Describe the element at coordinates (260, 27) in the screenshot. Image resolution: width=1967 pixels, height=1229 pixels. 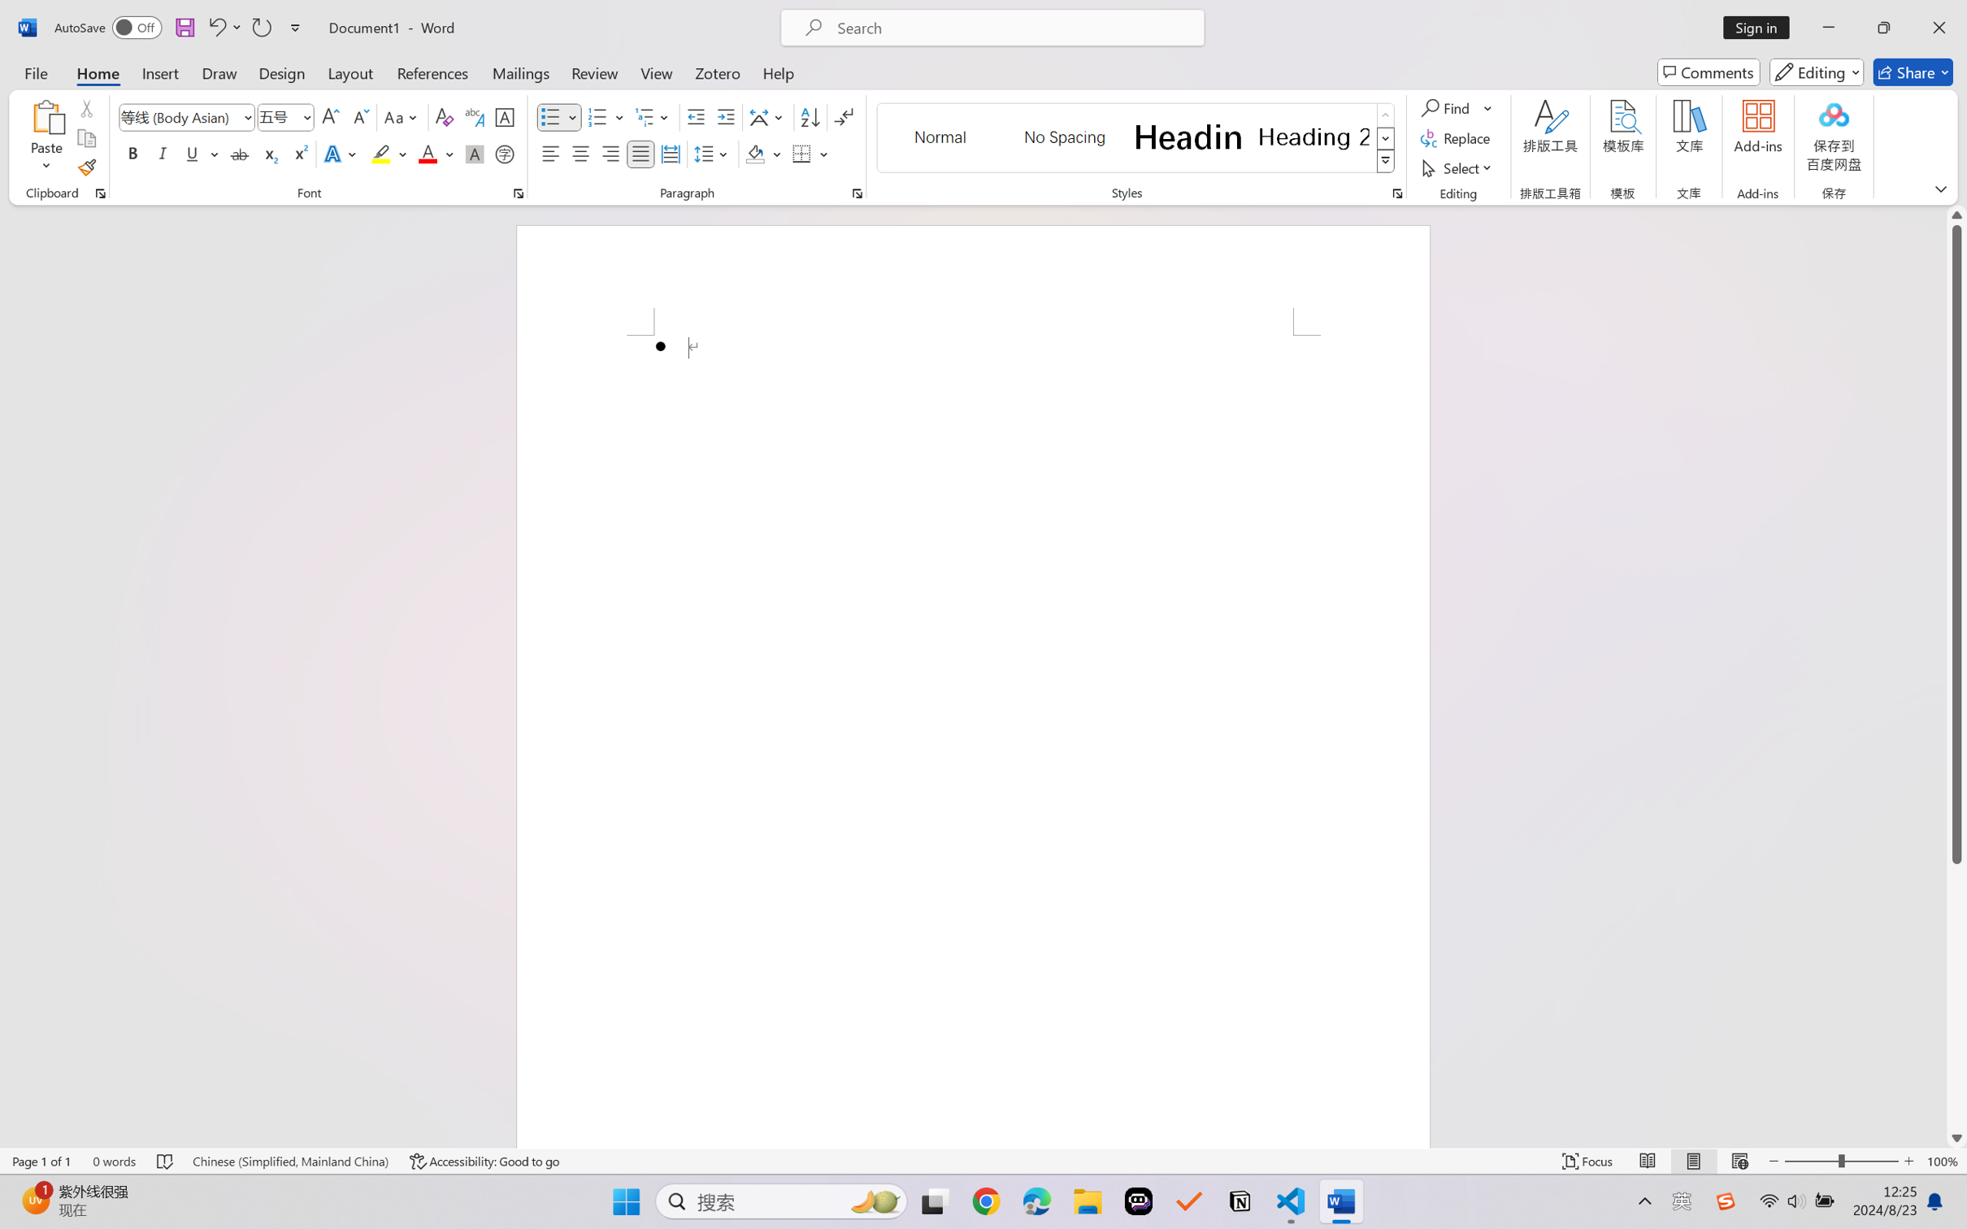
I see `'Repeat Bullet Default'` at that location.